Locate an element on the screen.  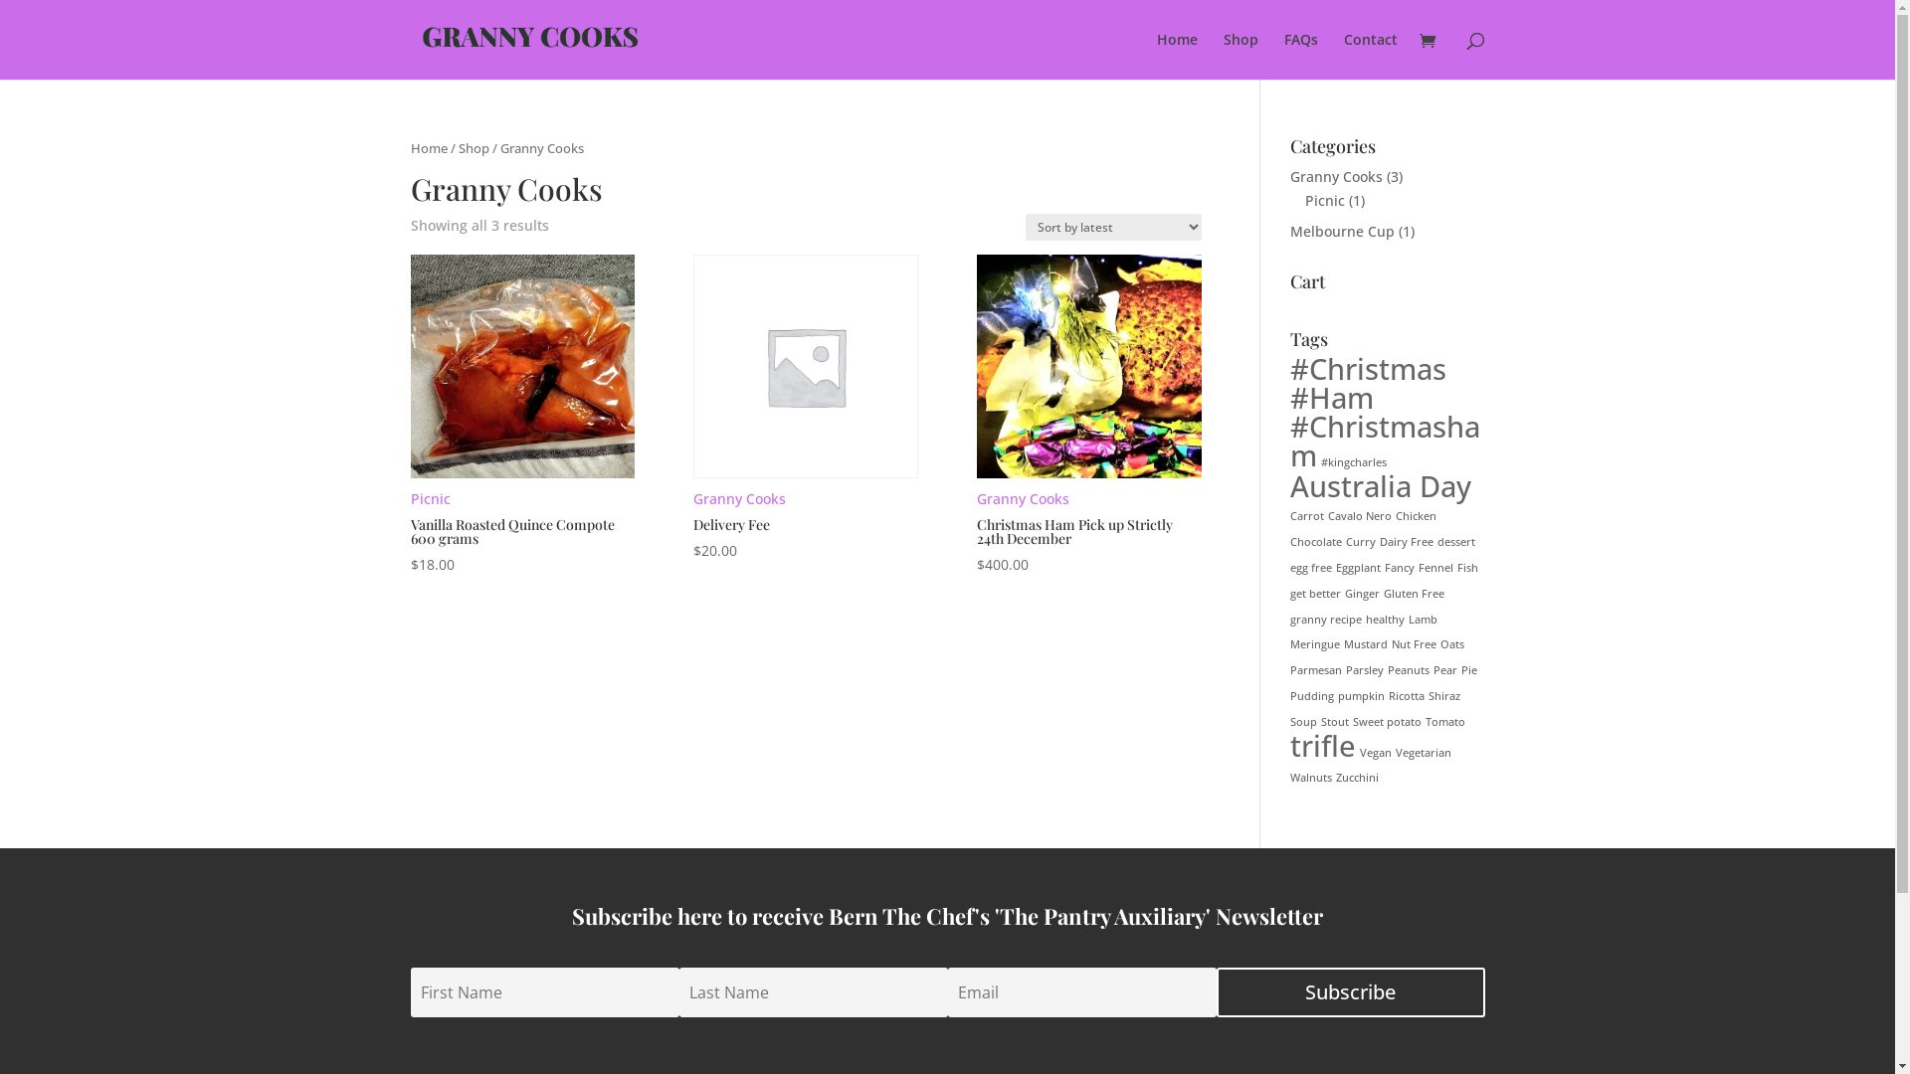
'pumpkin' is located at coordinates (1337, 694).